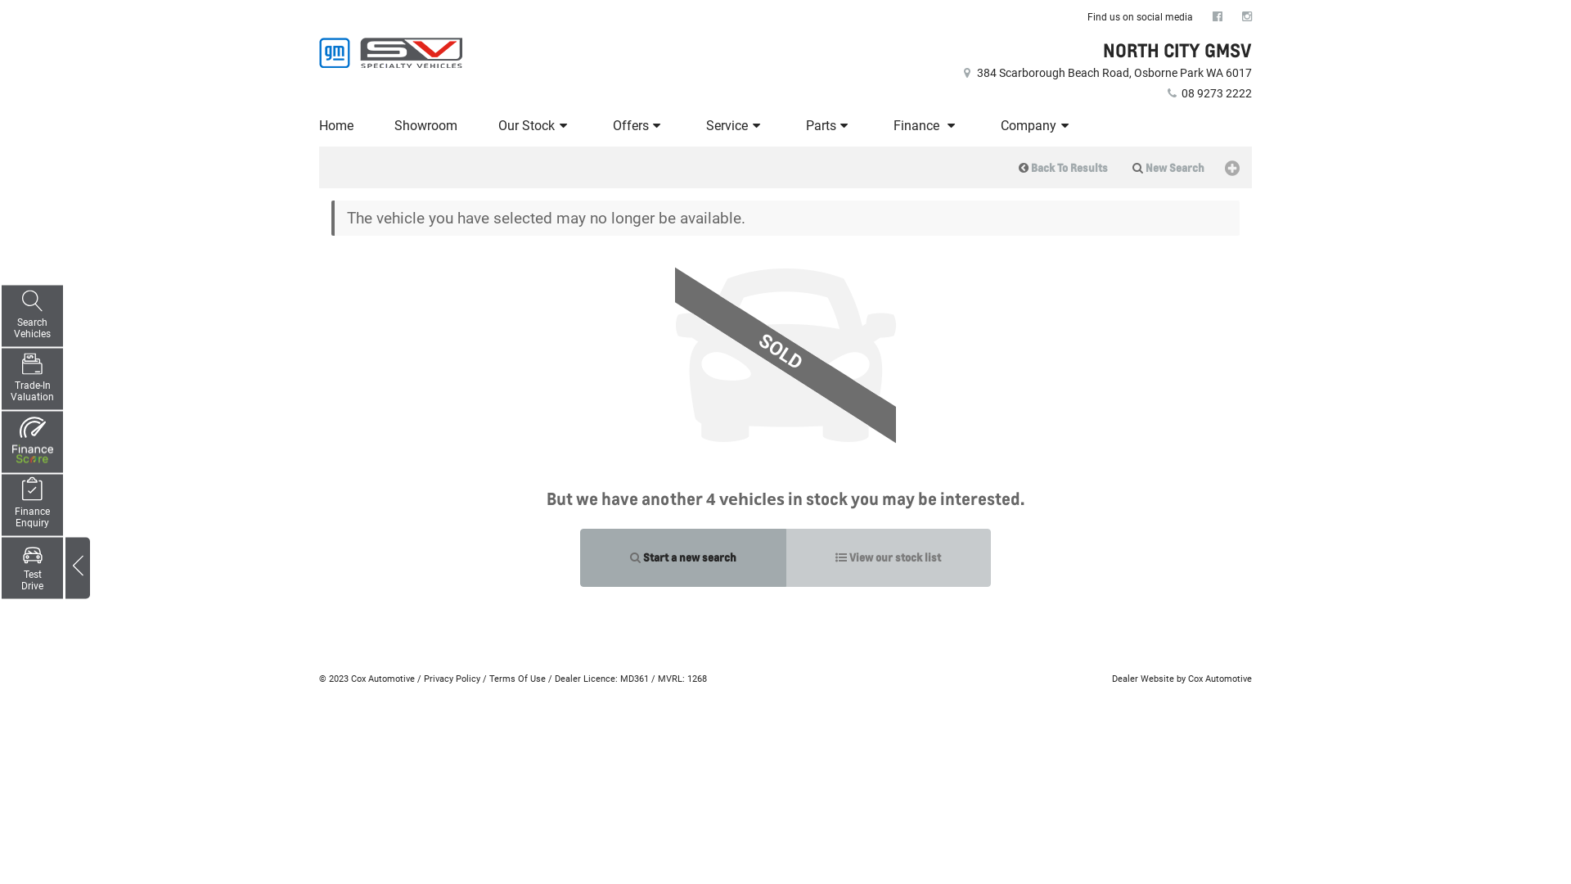 Image resolution: width=1571 pixels, height=884 pixels. I want to click on 'Back To Results', so click(1063, 167).